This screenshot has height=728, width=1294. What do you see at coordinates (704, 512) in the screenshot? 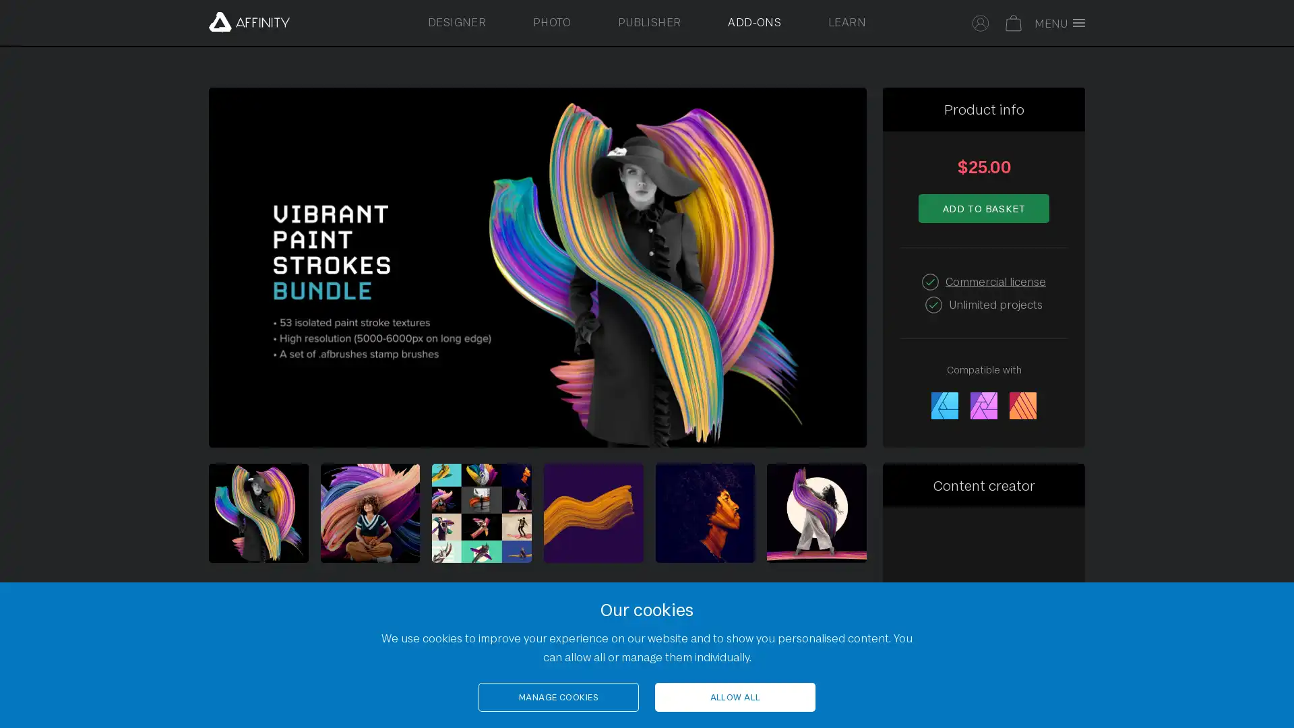
I see `Select to view image 5` at bounding box center [704, 512].